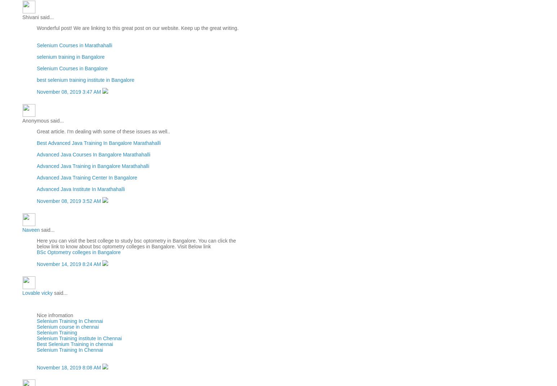 This screenshot has height=386, width=557. I want to click on 'best selenium training institute in Bangalore', so click(85, 80).